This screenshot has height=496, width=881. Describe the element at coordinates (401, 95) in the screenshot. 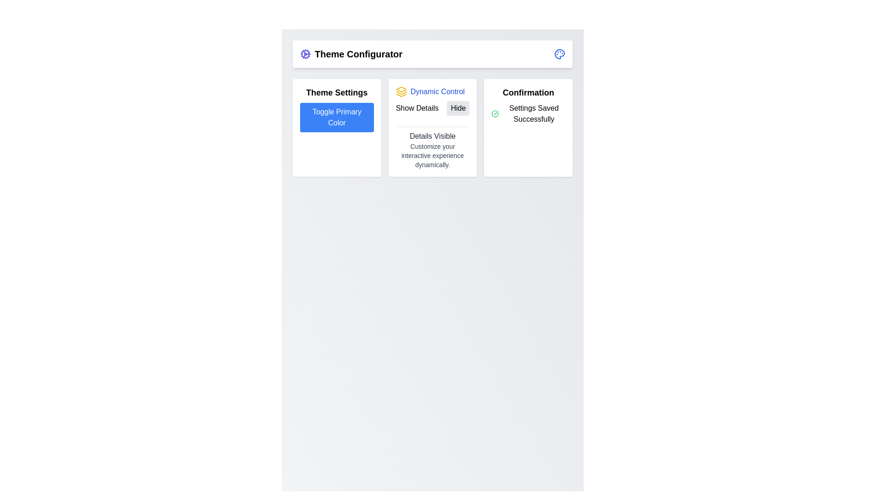

I see `the graphical icon representing a layered stack, which consists of three stylized layers with triangular extensions on the bottom-most layer` at that location.